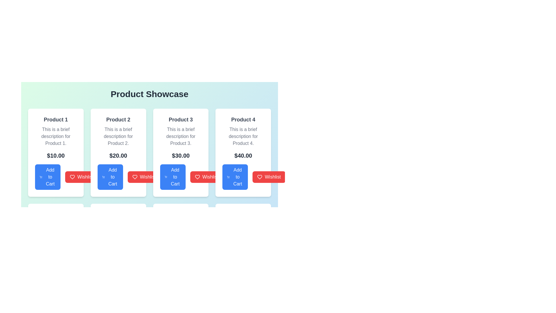 Image resolution: width=556 pixels, height=313 pixels. Describe the element at coordinates (172, 176) in the screenshot. I see `the 'Add to Cart' button, which is a rectangular button with rounded corners, blue background, and white text, located below 'Product 3'` at that location.